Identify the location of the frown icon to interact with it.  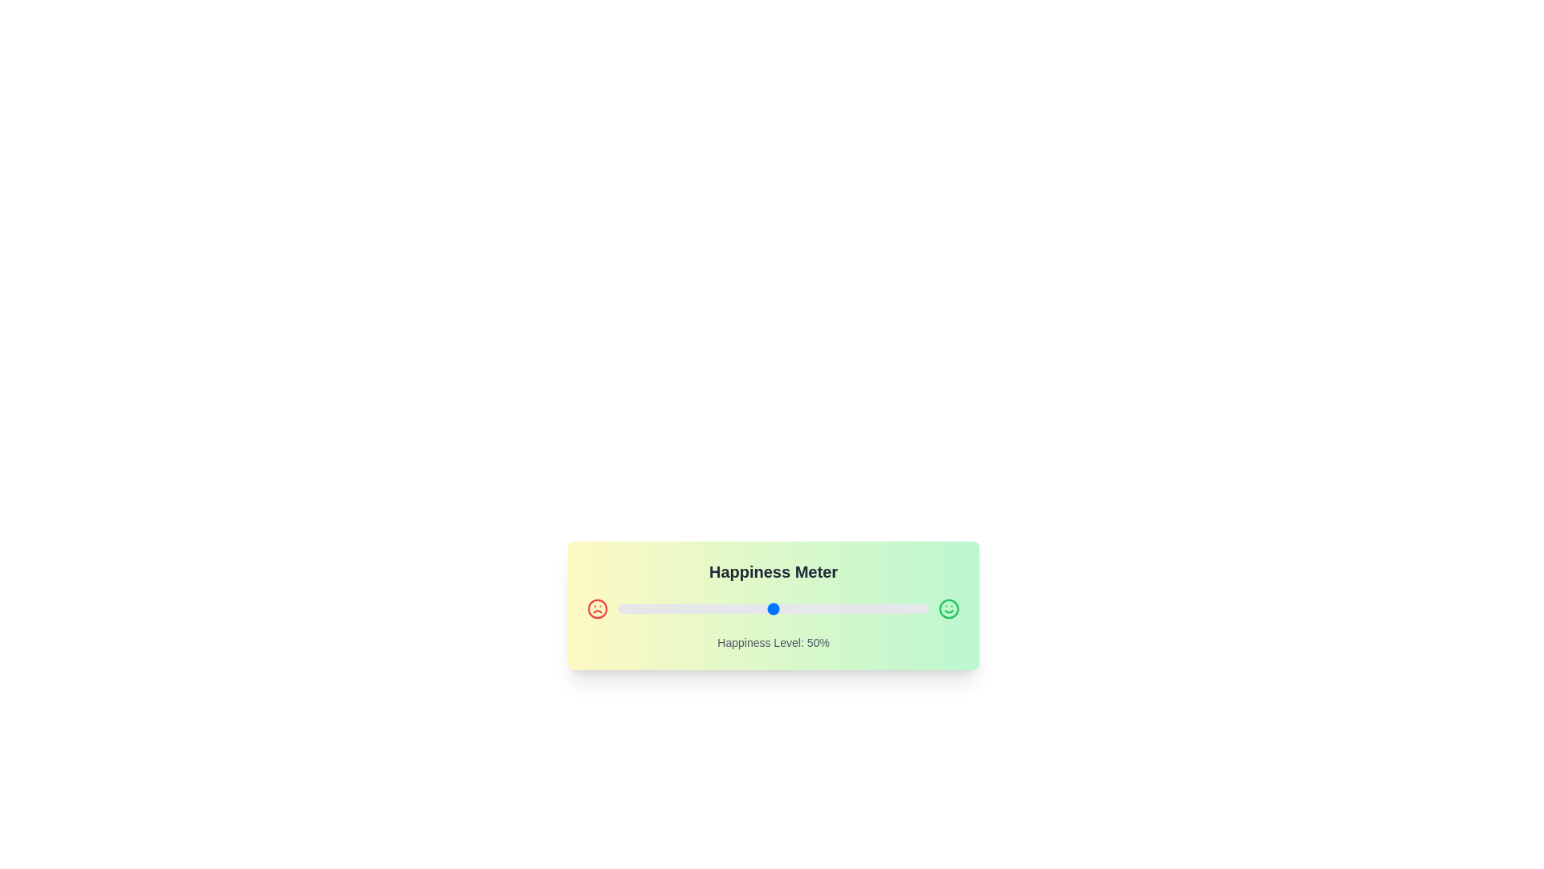
(597, 608).